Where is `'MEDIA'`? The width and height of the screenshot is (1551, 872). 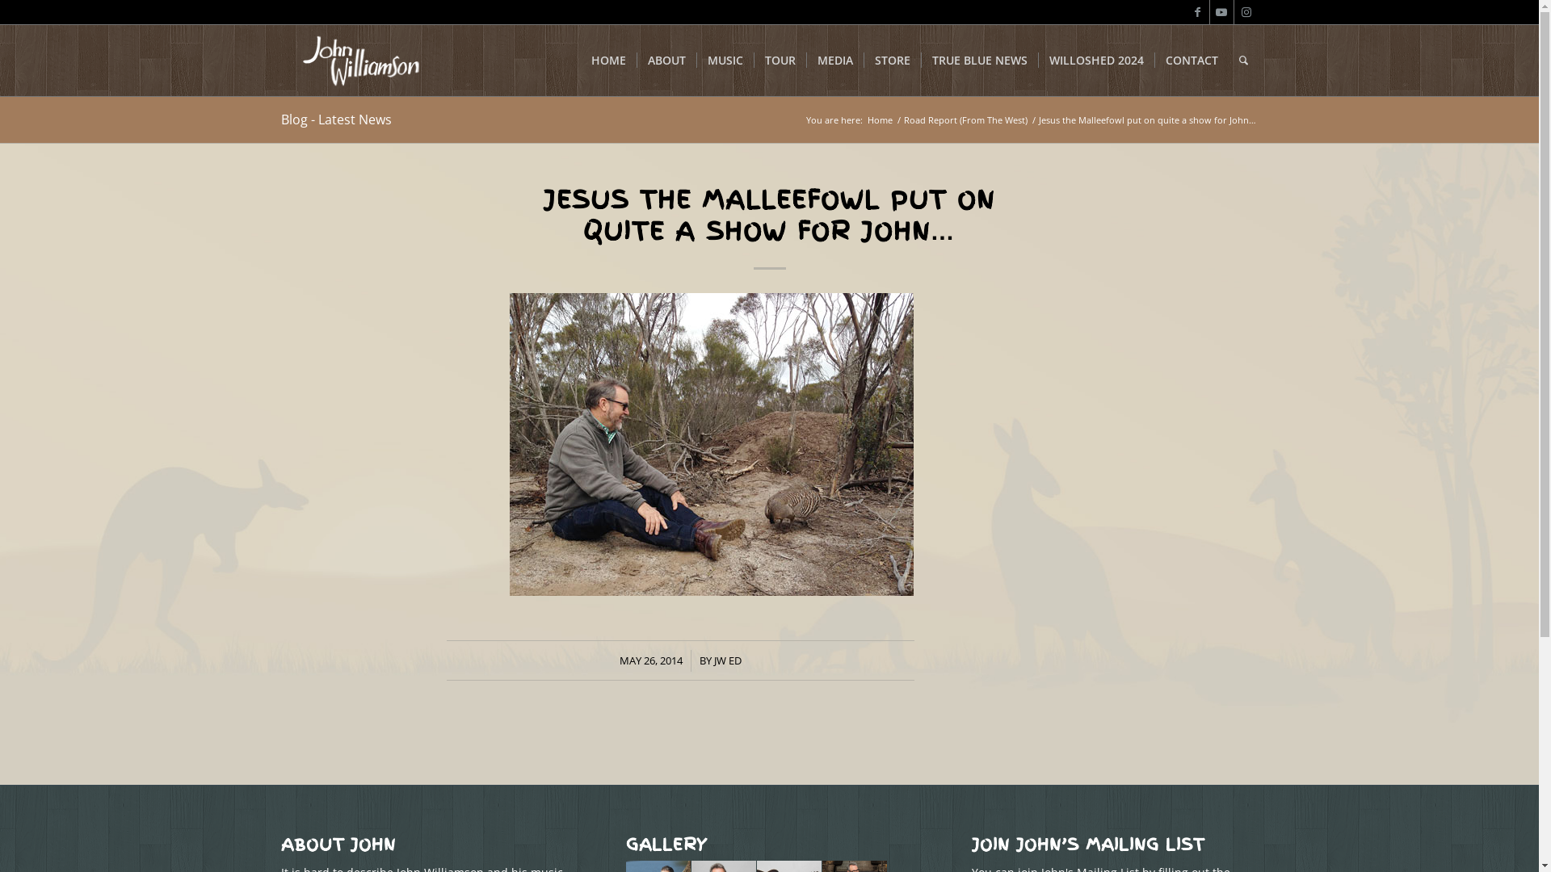
'MEDIA' is located at coordinates (806, 59).